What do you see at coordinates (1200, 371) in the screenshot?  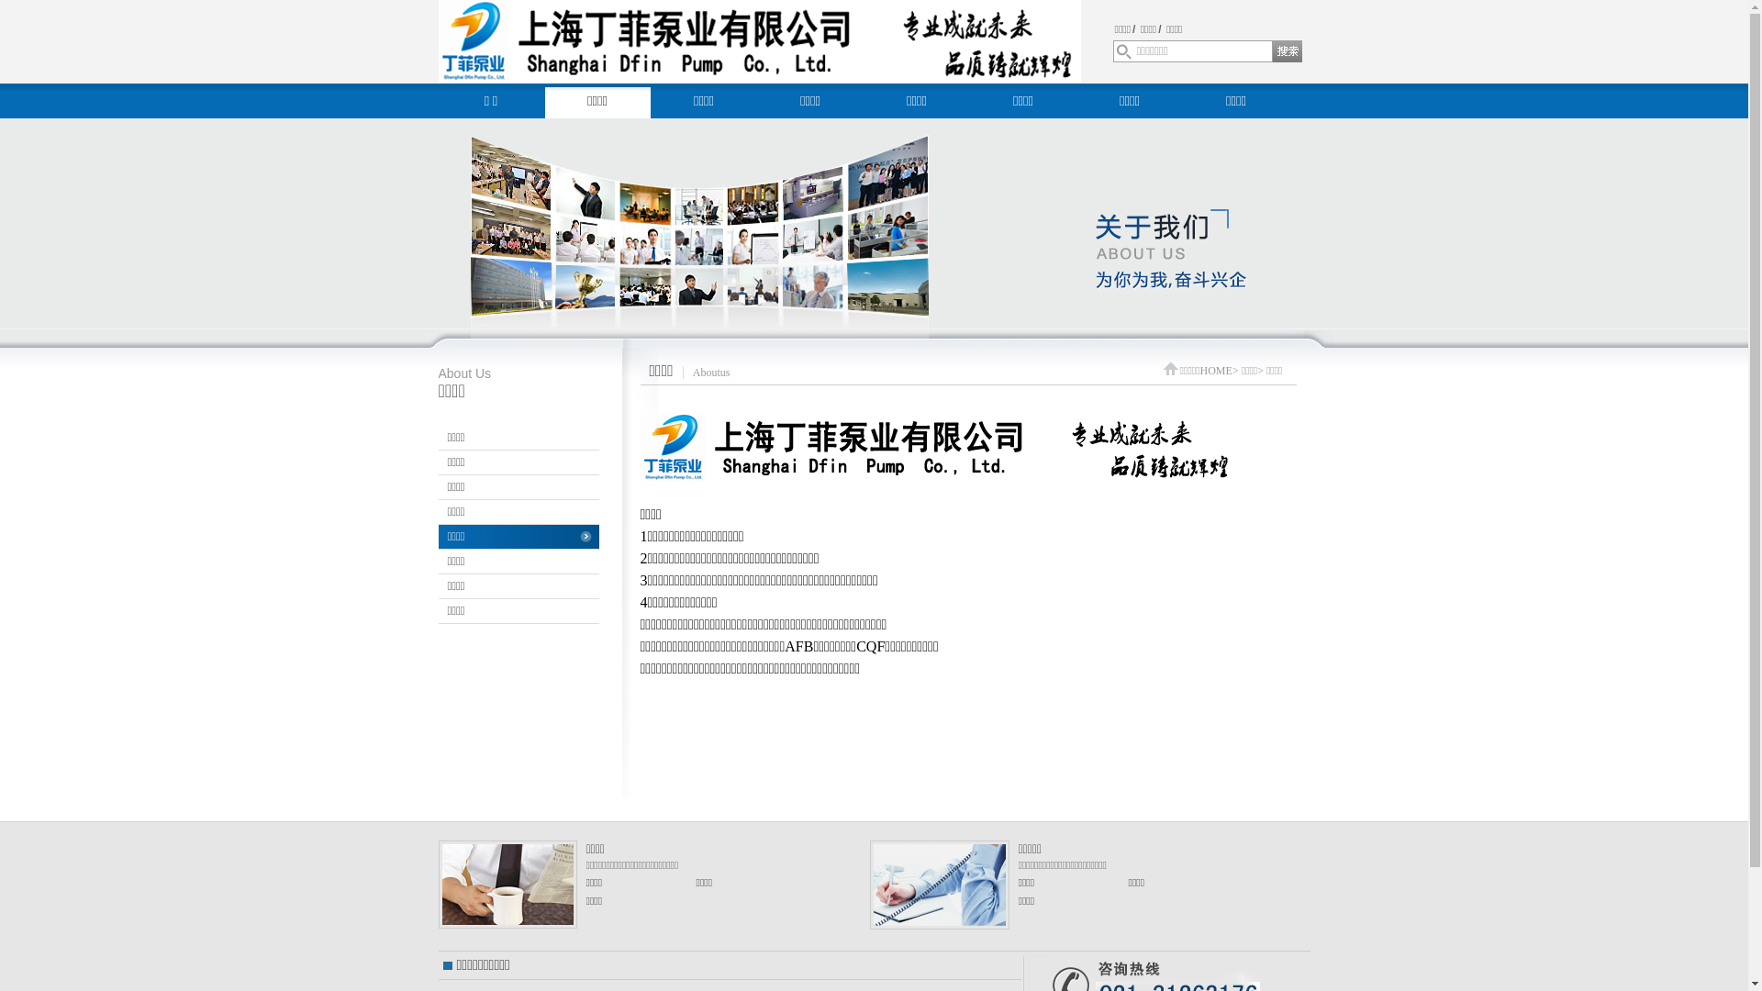 I see `'HOME'` at bounding box center [1200, 371].